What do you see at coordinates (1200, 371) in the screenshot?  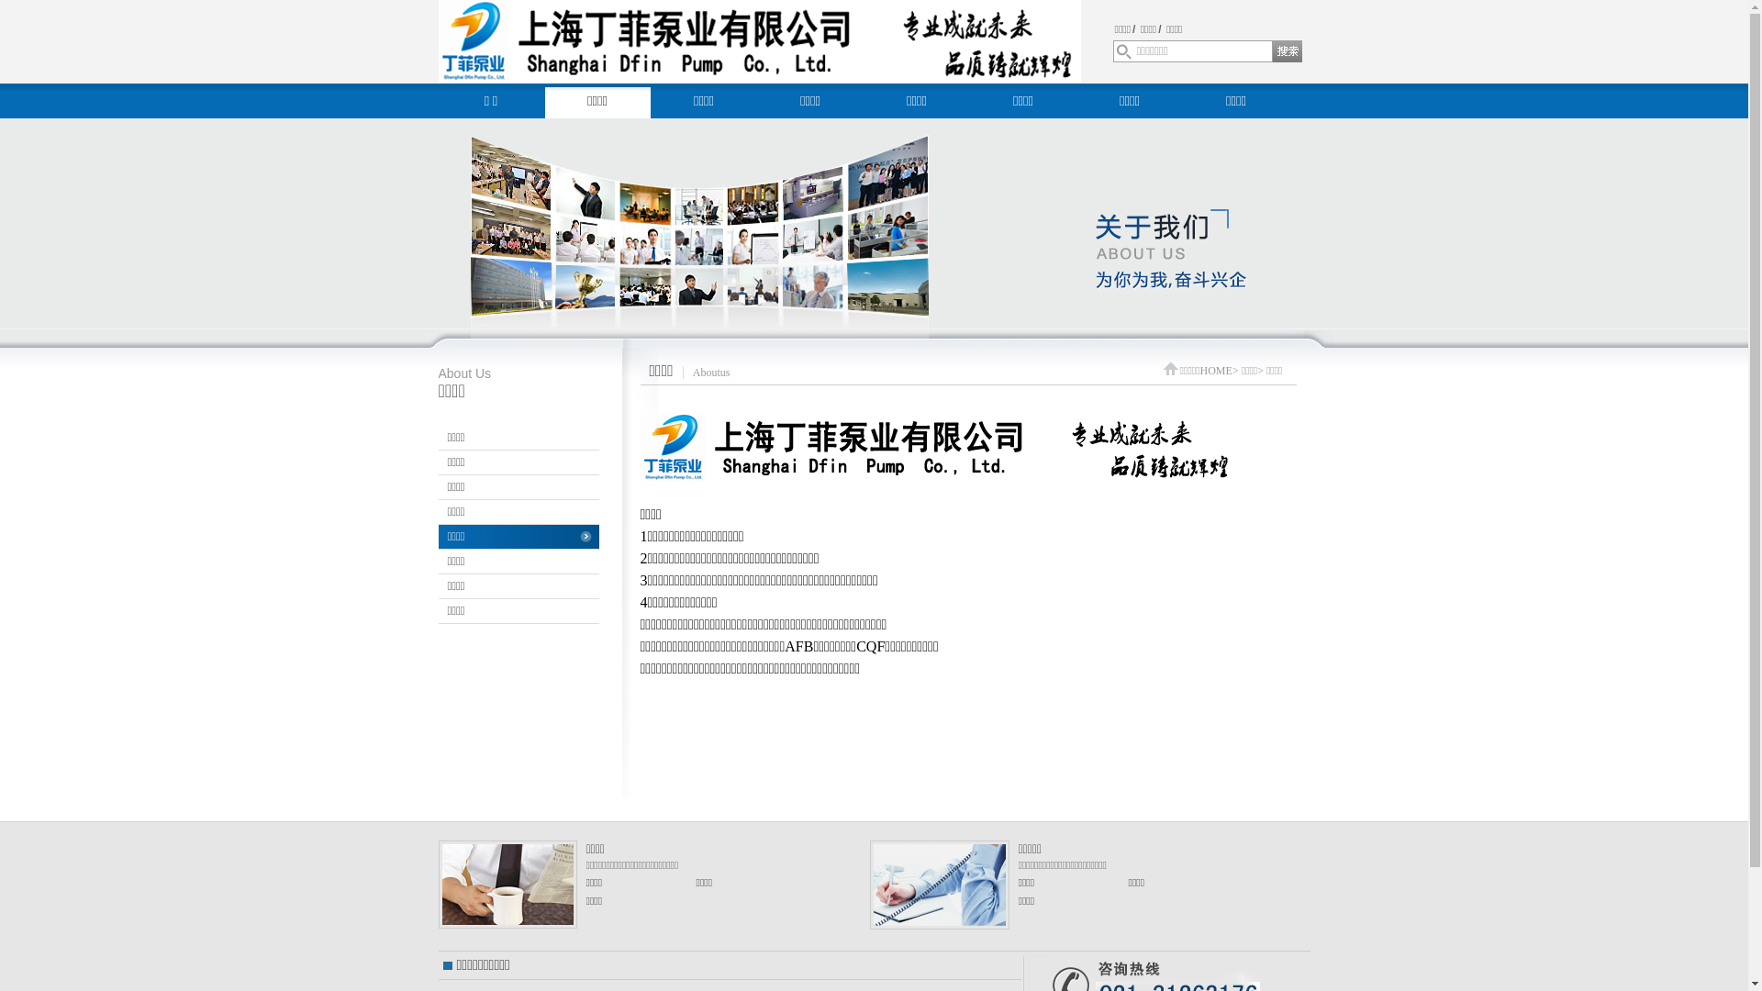 I see `'HOME'` at bounding box center [1200, 371].